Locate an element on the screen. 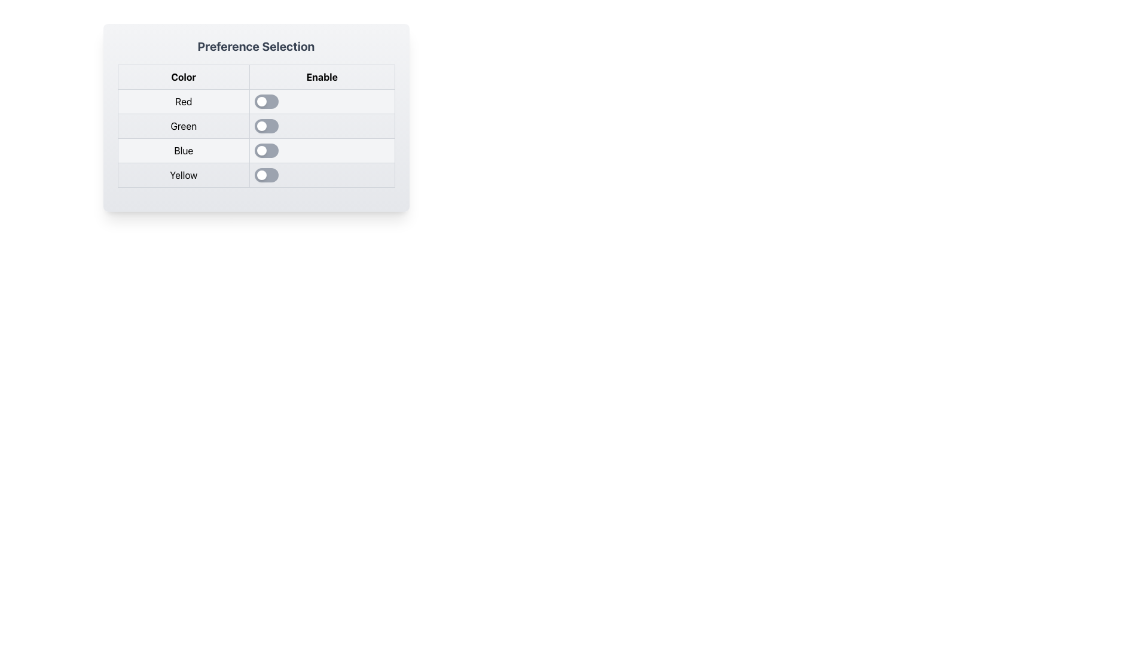 This screenshot has width=1148, height=646. the toggle switch in the third row of the table under the 'Enable' column, labeled 'Blue' is located at coordinates (255, 138).